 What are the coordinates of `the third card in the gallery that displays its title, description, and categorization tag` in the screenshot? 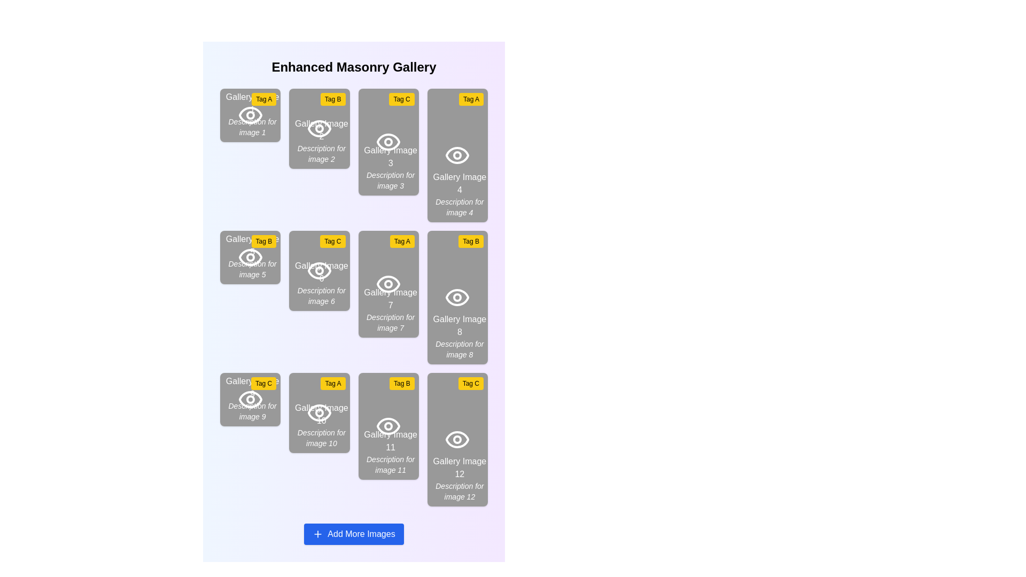 It's located at (388, 142).